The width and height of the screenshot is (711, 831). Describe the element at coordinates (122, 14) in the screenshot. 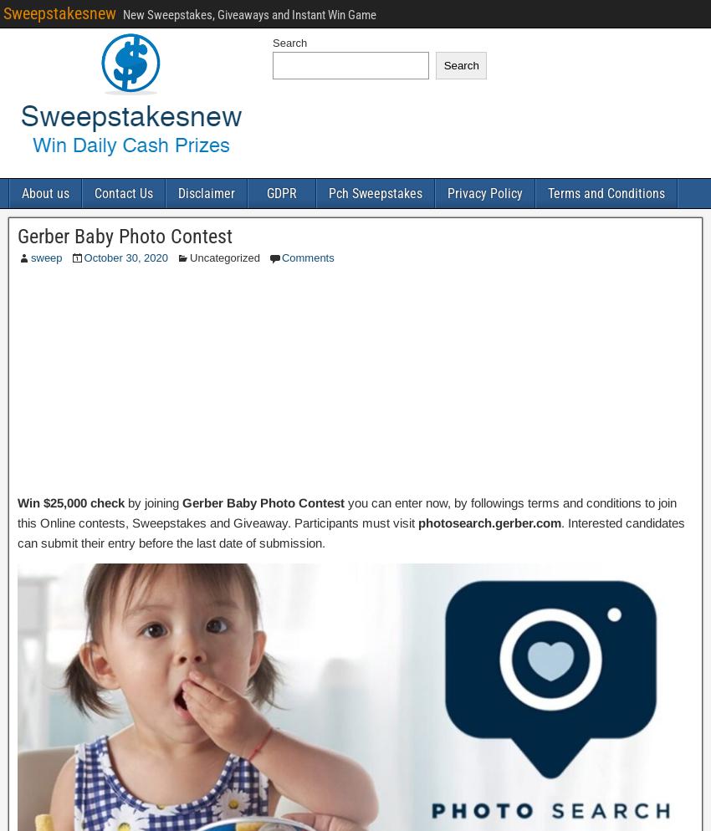

I see `'New Sweepstakes, Giveaways and Instant Win Game'` at that location.